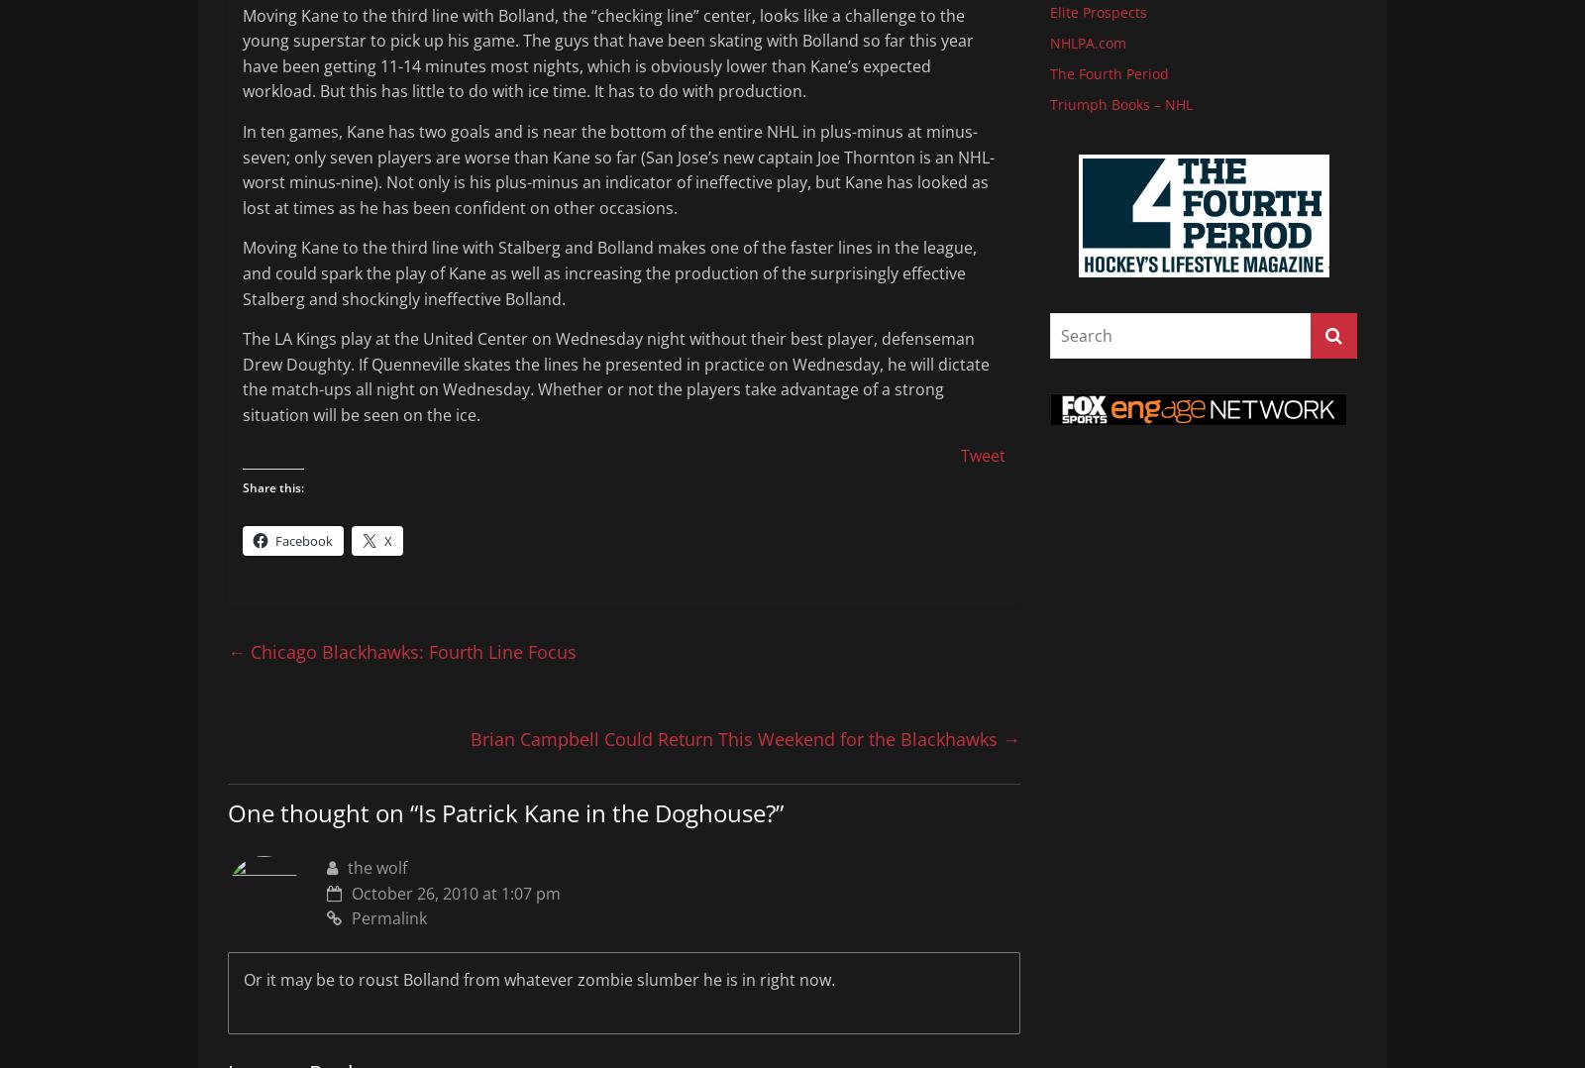 This screenshot has height=1068, width=1585. Describe the element at coordinates (388, 539) in the screenshot. I see `'X'` at that location.